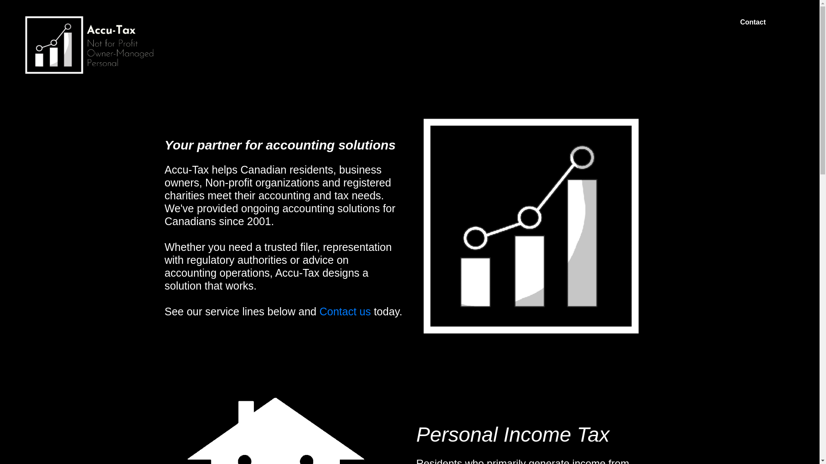  Describe the element at coordinates (342, 311) in the screenshot. I see `'Contact us'` at that location.